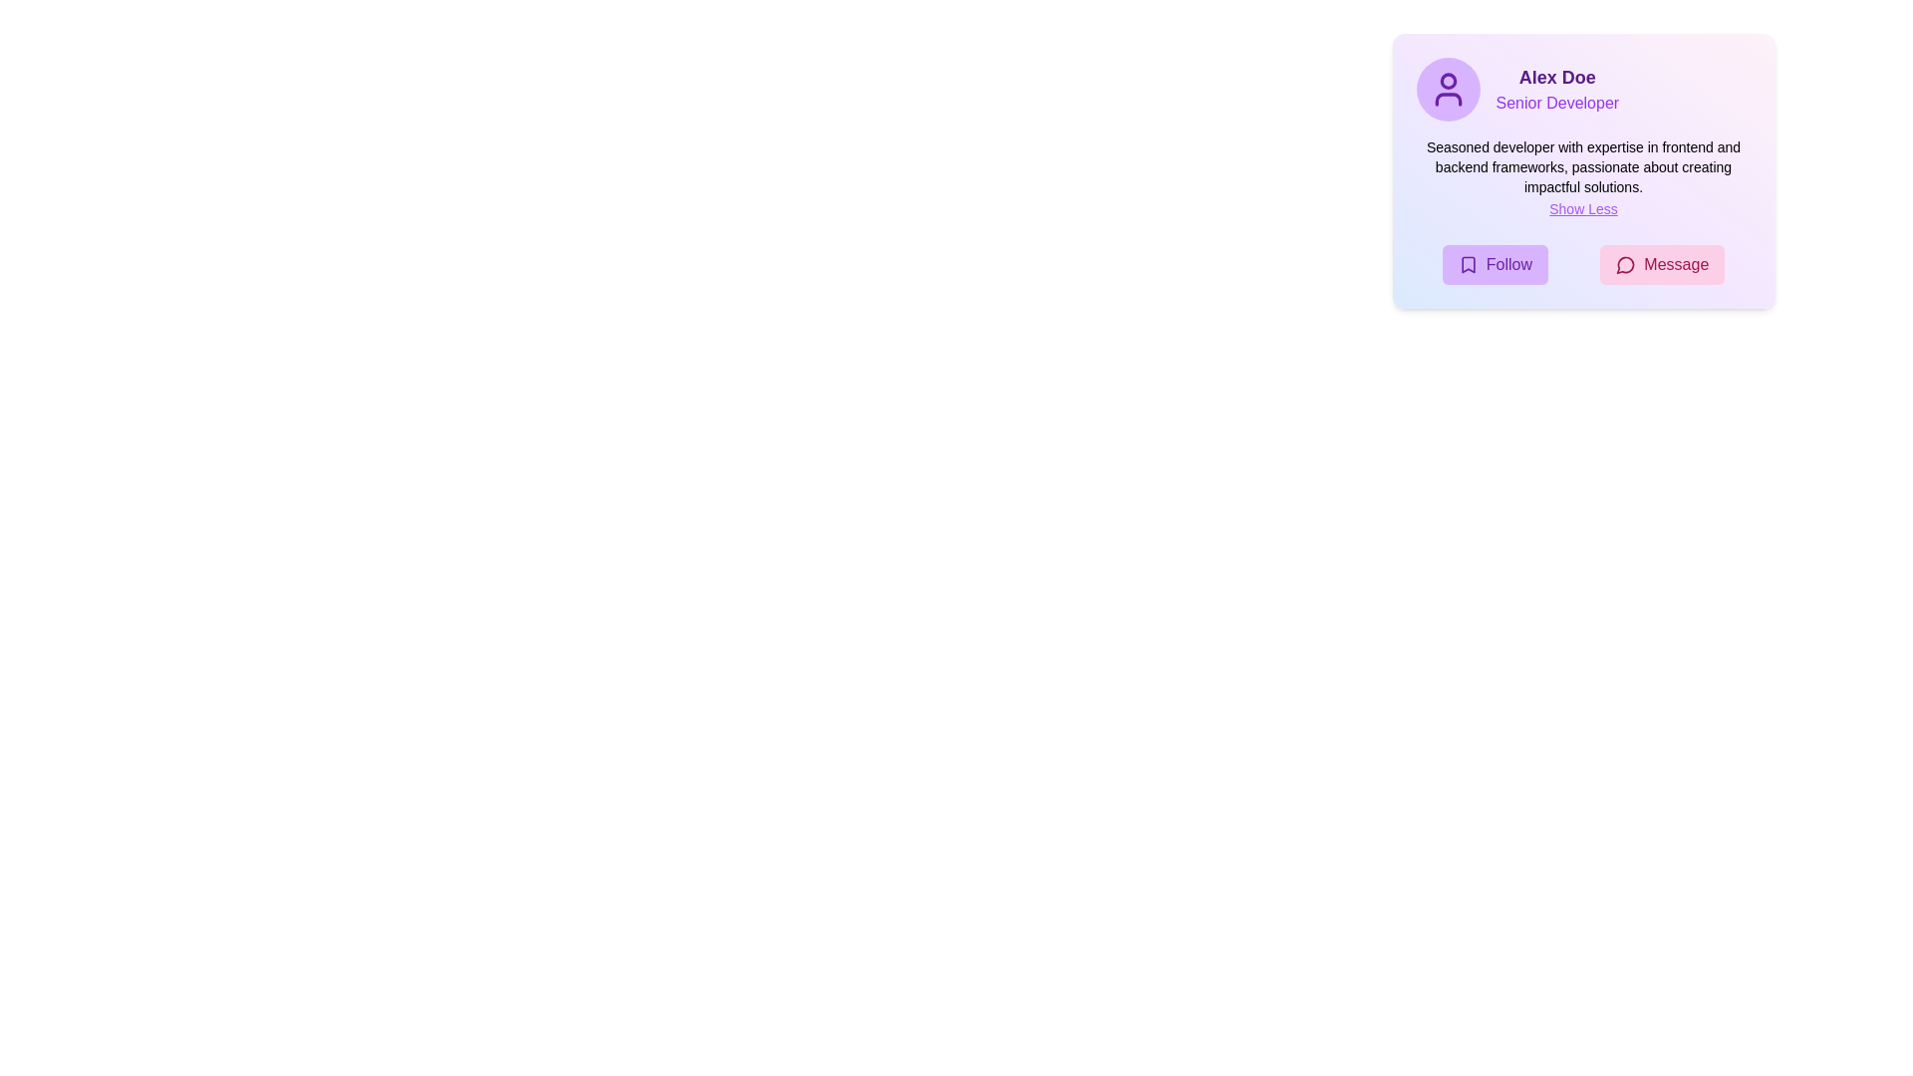 The image size is (1913, 1076). Describe the element at coordinates (1556, 104) in the screenshot. I see `the Text label displaying the job title or role of the individual in the profile card, which is located beneath the sibling element 'Alex Doe.'` at that location.